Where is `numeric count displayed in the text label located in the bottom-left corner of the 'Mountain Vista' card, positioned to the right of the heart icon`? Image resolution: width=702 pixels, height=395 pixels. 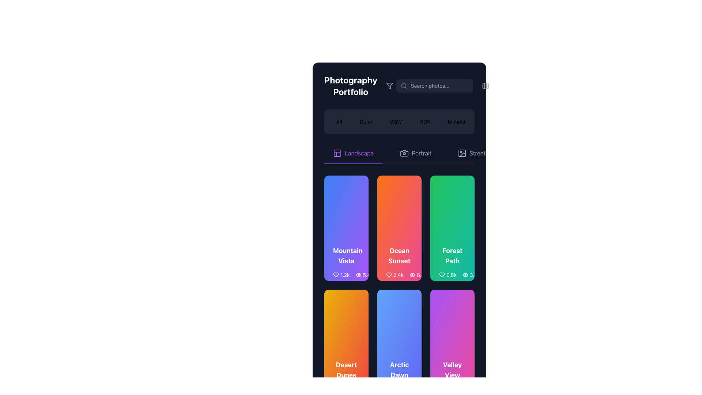
numeric count displayed in the text label located in the bottom-left corner of the 'Mountain Vista' card, positioned to the right of the heart icon is located at coordinates (344, 275).